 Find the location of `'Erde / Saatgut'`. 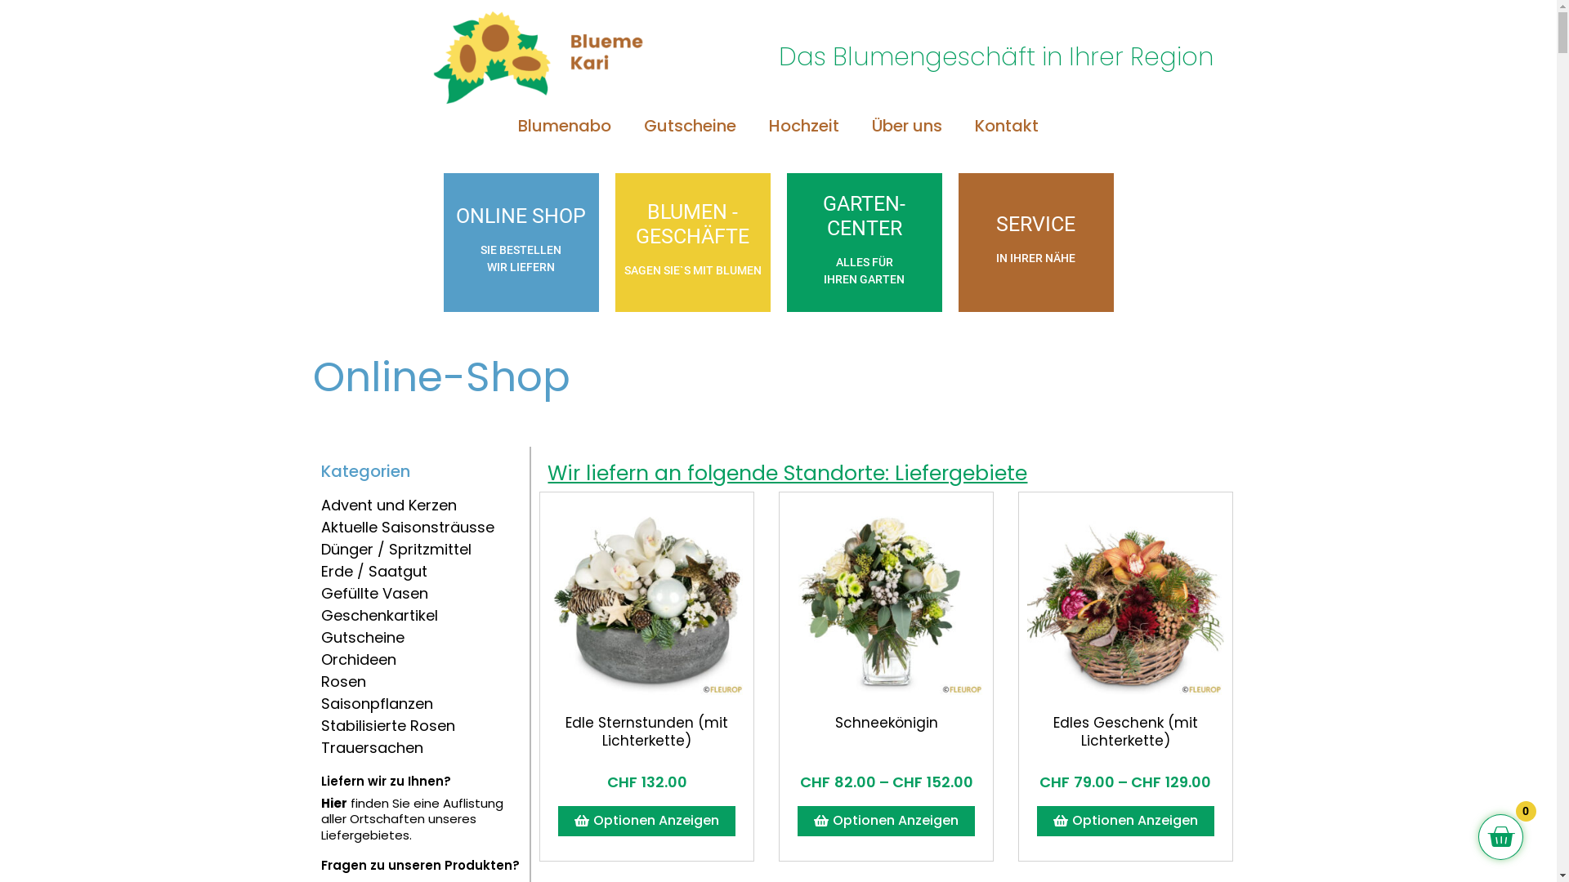

'Erde / Saatgut' is located at coordinates (372, 570).